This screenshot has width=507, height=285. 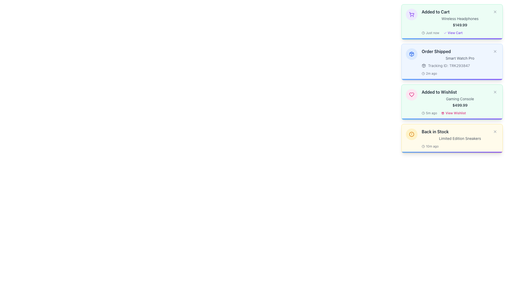 I want to click on the alert icon located at the top-left corner inside the 'Back in Stock' card, which indicates the nature of the associated message, so click(x=411, y=134).